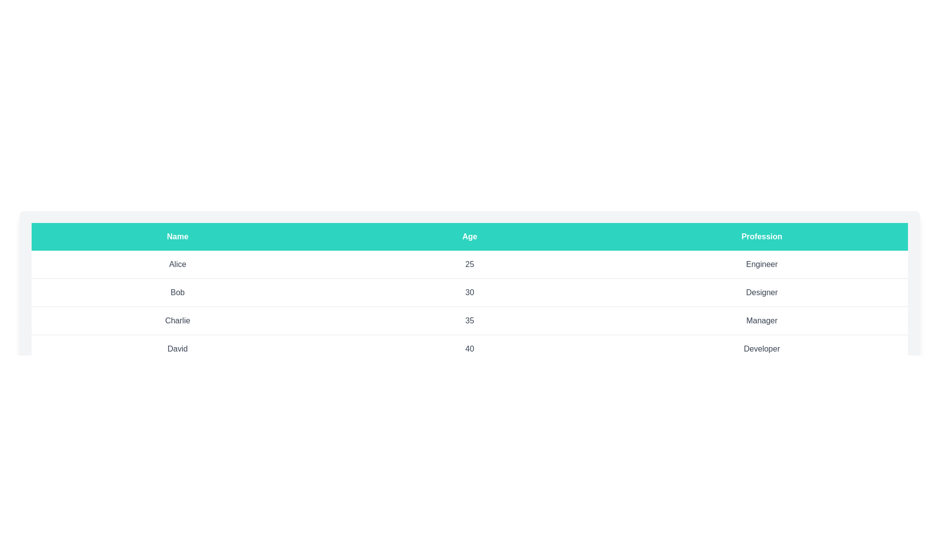 The height and width of the screenshot is (534, 949). What do you see at coordinates (469, 264) in the screenshot?
I see `the table cell displaying the age of the individual named 'Alice', located in the second column of the first row, under the 'Age' header` at bounding box center [469, 264].